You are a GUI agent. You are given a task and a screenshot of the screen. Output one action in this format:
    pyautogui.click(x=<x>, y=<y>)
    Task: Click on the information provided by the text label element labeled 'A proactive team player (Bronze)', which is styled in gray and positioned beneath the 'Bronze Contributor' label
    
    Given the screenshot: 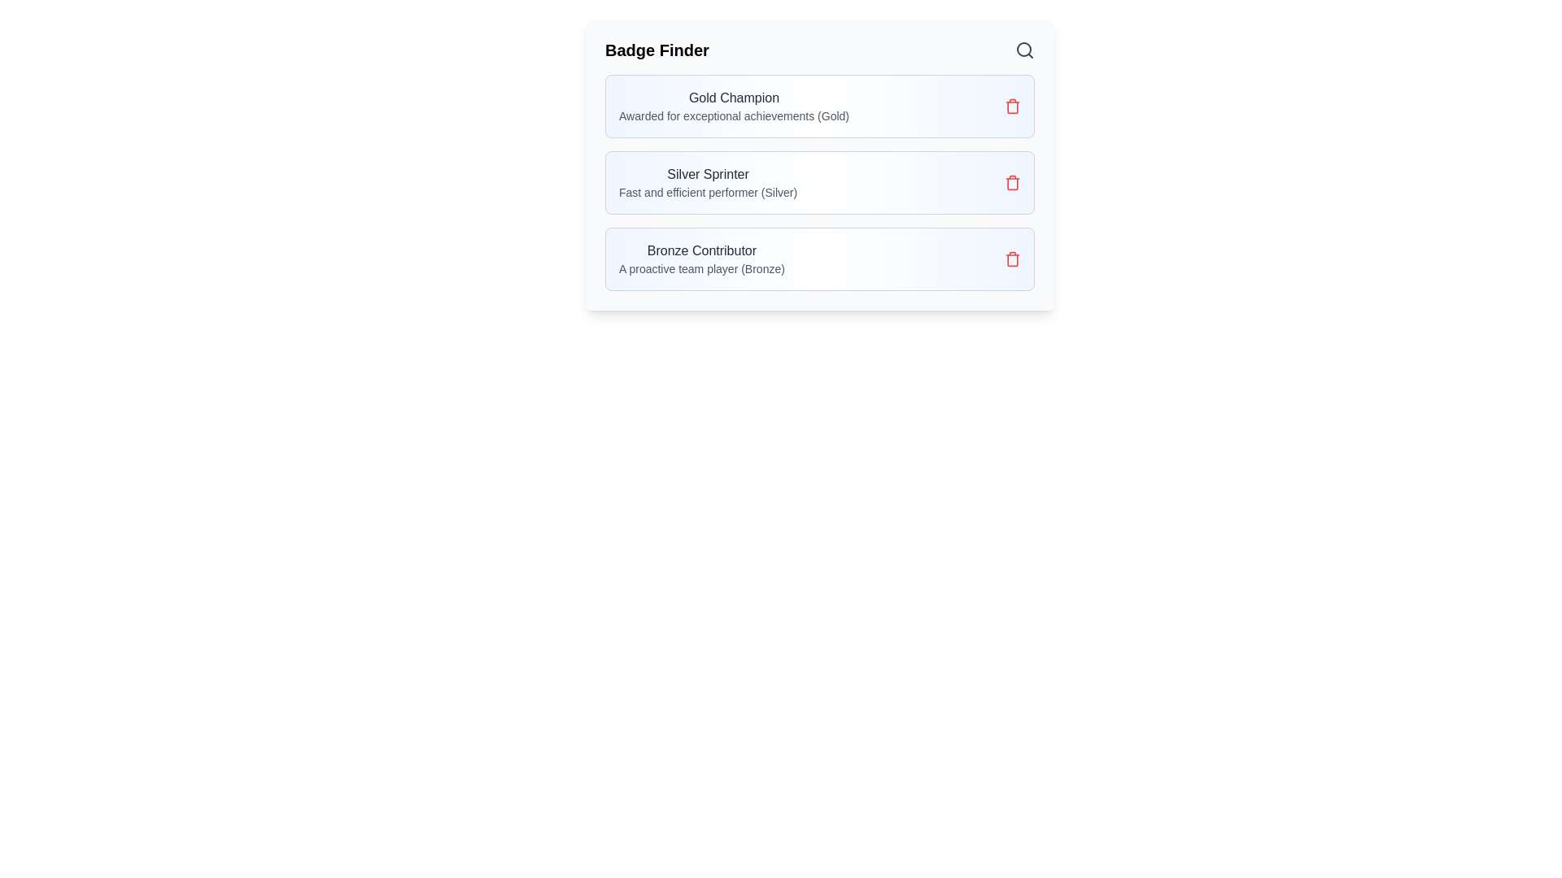 What is the action you would take?
    pyautogui.click(x=702, y=268)
    